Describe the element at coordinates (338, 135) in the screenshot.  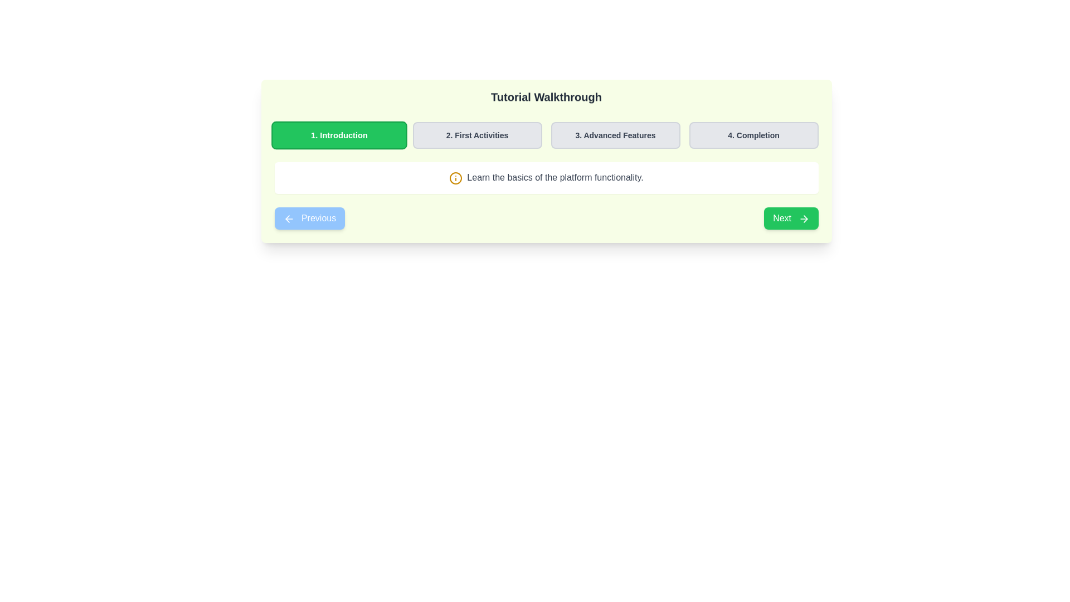
I see `the navigation button representing the first step in the tutorial walkthrough, which is currently highlighted as the active step` at that location.